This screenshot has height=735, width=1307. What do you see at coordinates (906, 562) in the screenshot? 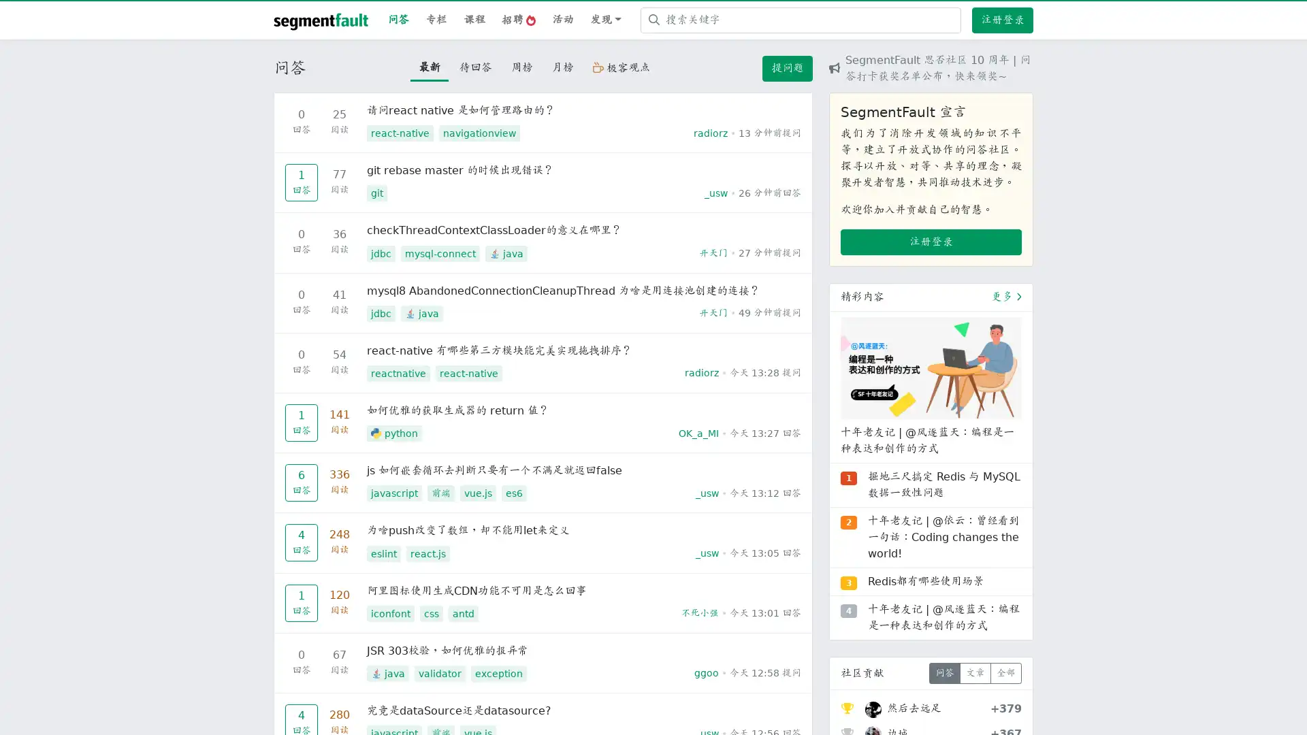
I see `Slide 1` at bounding box center [906, 562].